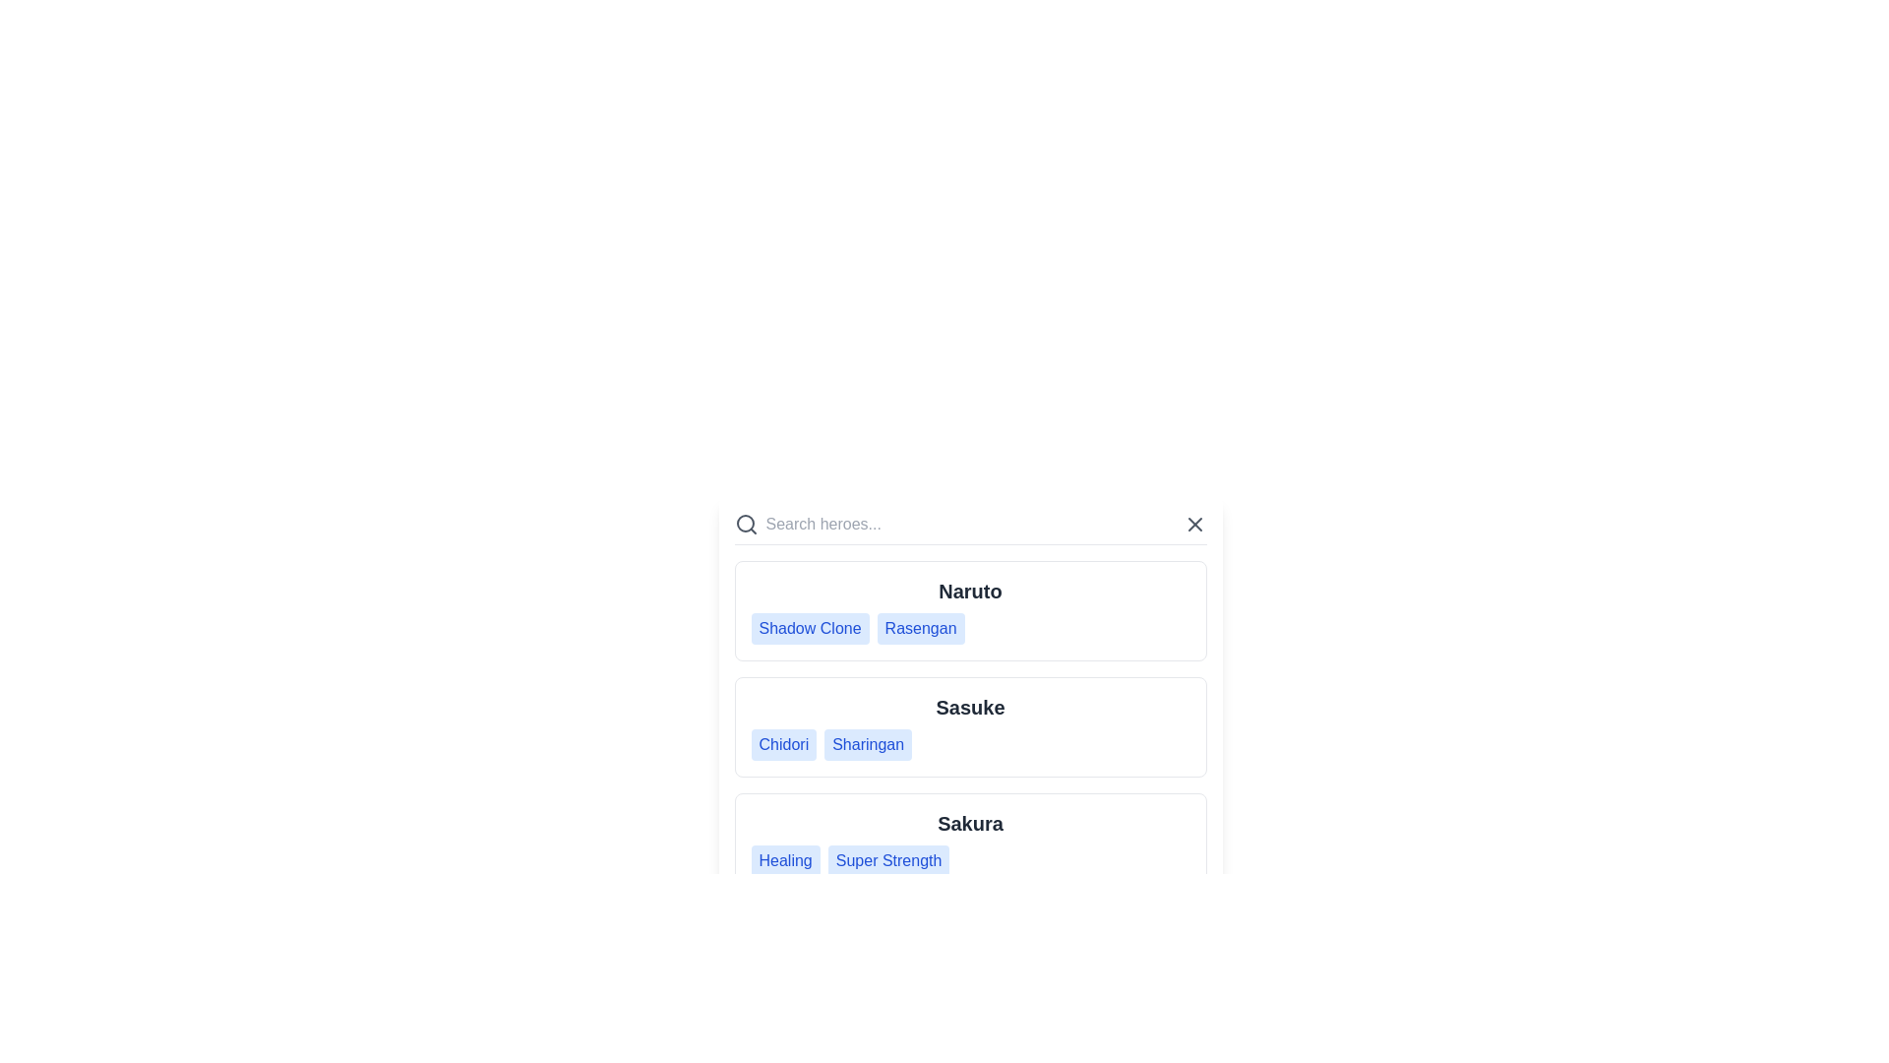 The image size is (1889, 1063). Describe the element at coordinates (810, 629) in the screenshot. I see `the 'Shadow Clone' button, which is a light blue rectangular button with rounded corners located under the title 'Naruto'` at that location.